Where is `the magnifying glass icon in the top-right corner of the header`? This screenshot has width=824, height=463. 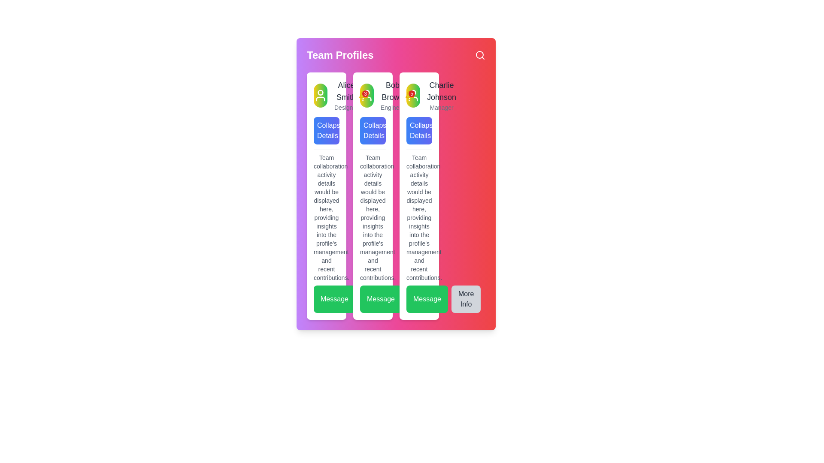
the magnifying glass icon in the top-right corner of the header is located at coordinates (479, 55).